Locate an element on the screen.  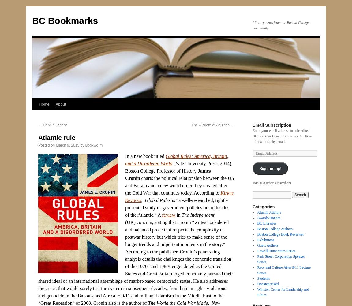
'The World the Cold War Made' is located at coordinates (177, 303).